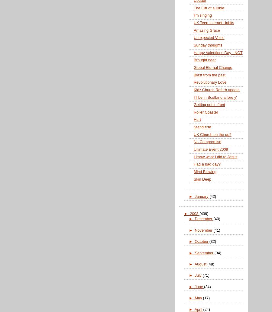 Image resolution: width=272 pixels, height=312 pixels. I want to click on '(439)', so click(204, 213).